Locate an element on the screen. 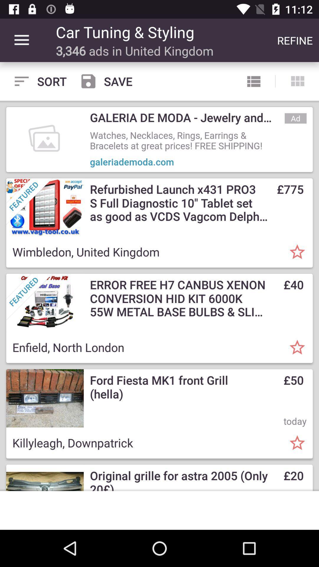  image left to the text ford fiesta is located at coordinates (45, 398).